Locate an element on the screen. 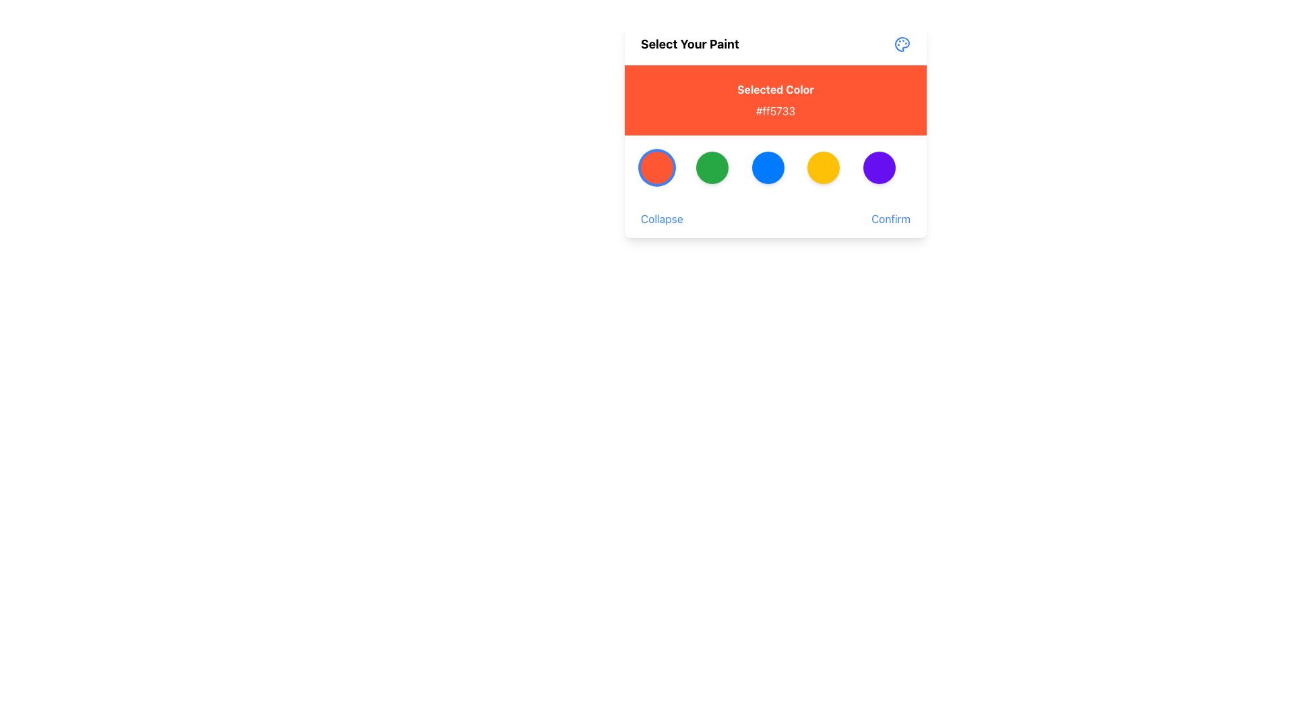 The height and width of the screenshot is (728, 1294). the first circular interactive button on the leftmost side of the grid is located at coordinates (656, 167).